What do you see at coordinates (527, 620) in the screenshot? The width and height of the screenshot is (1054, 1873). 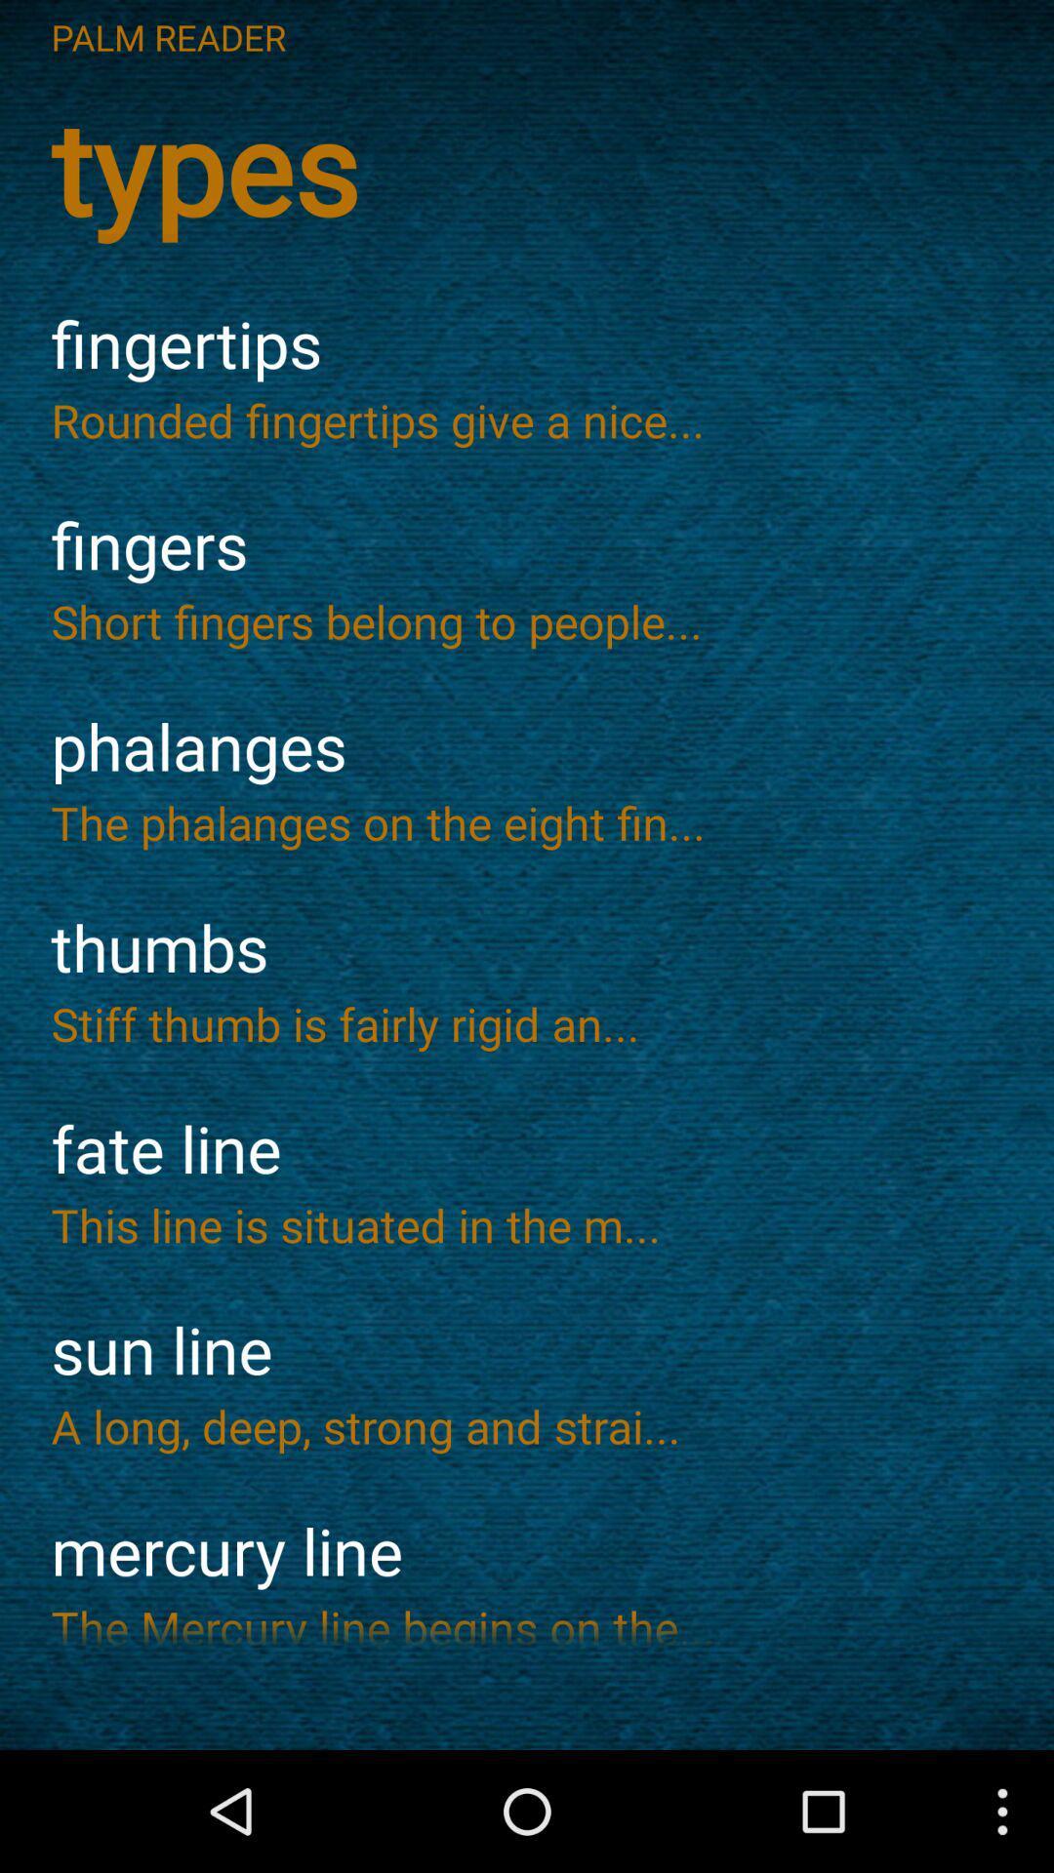 I see `the short fingers belong app` at bounding box center [527, 620].